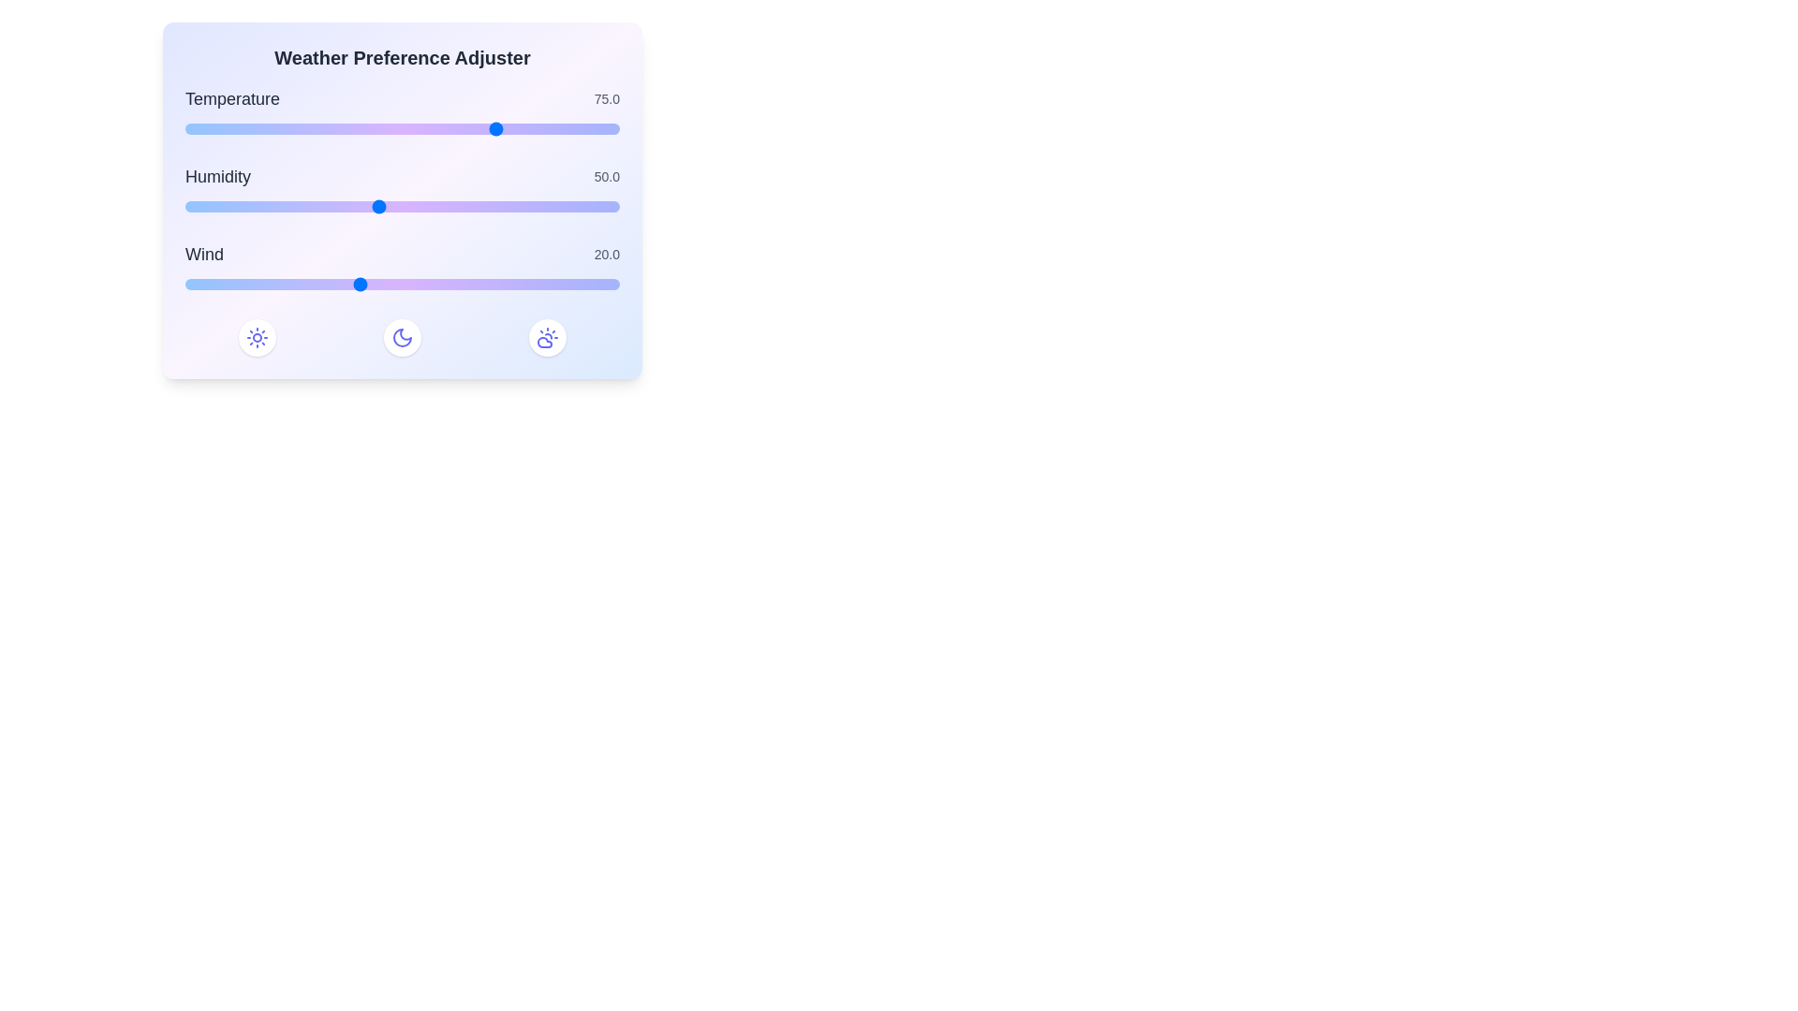 The width and height of the screenshot is (1798, 1011). Describe the element at coordinates (332, 285) in the screenshot. I see `wind value` at that location.